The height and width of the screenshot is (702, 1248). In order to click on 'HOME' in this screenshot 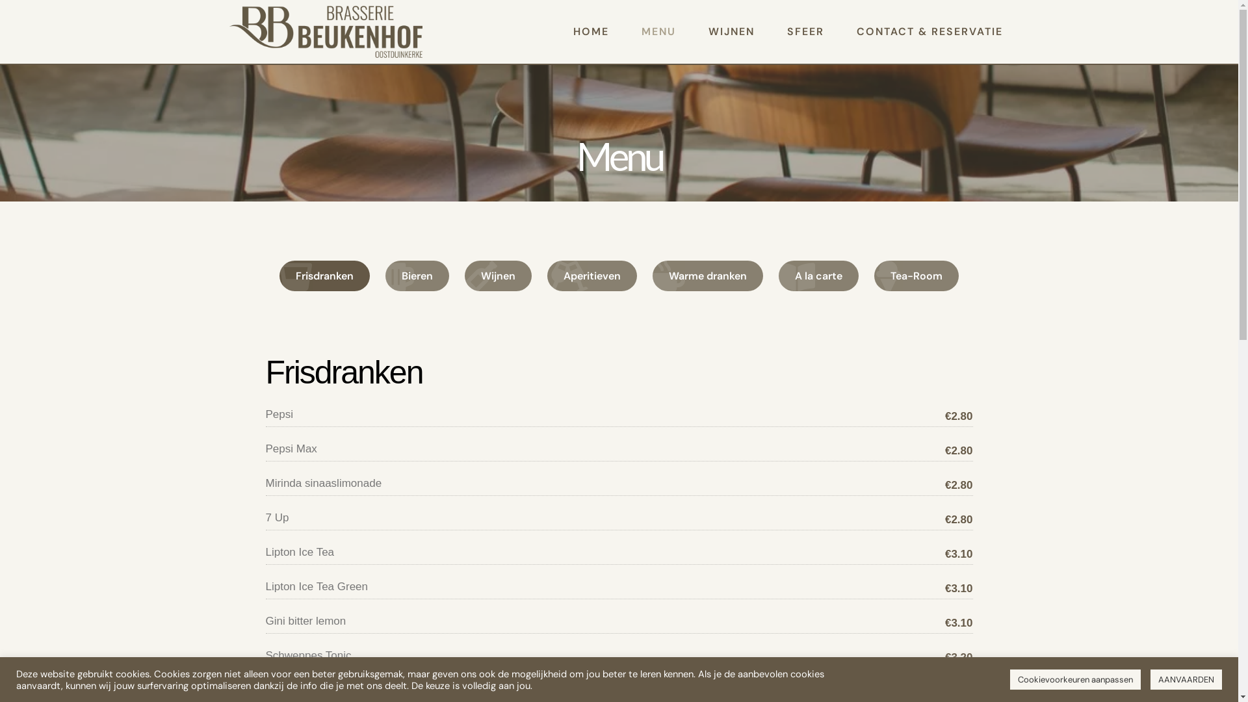, I will do `click(590, 31)`.